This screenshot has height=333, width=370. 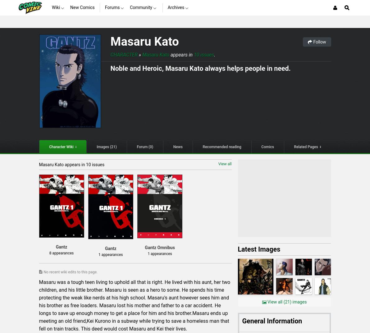 What do you see at coordinates (167, 7) in the screenshot?
I see `'Archives'` at bounding box center [167, 7].